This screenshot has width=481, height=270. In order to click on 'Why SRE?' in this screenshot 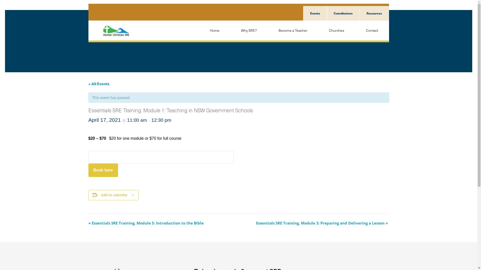, I will do `click(229, 30)`.